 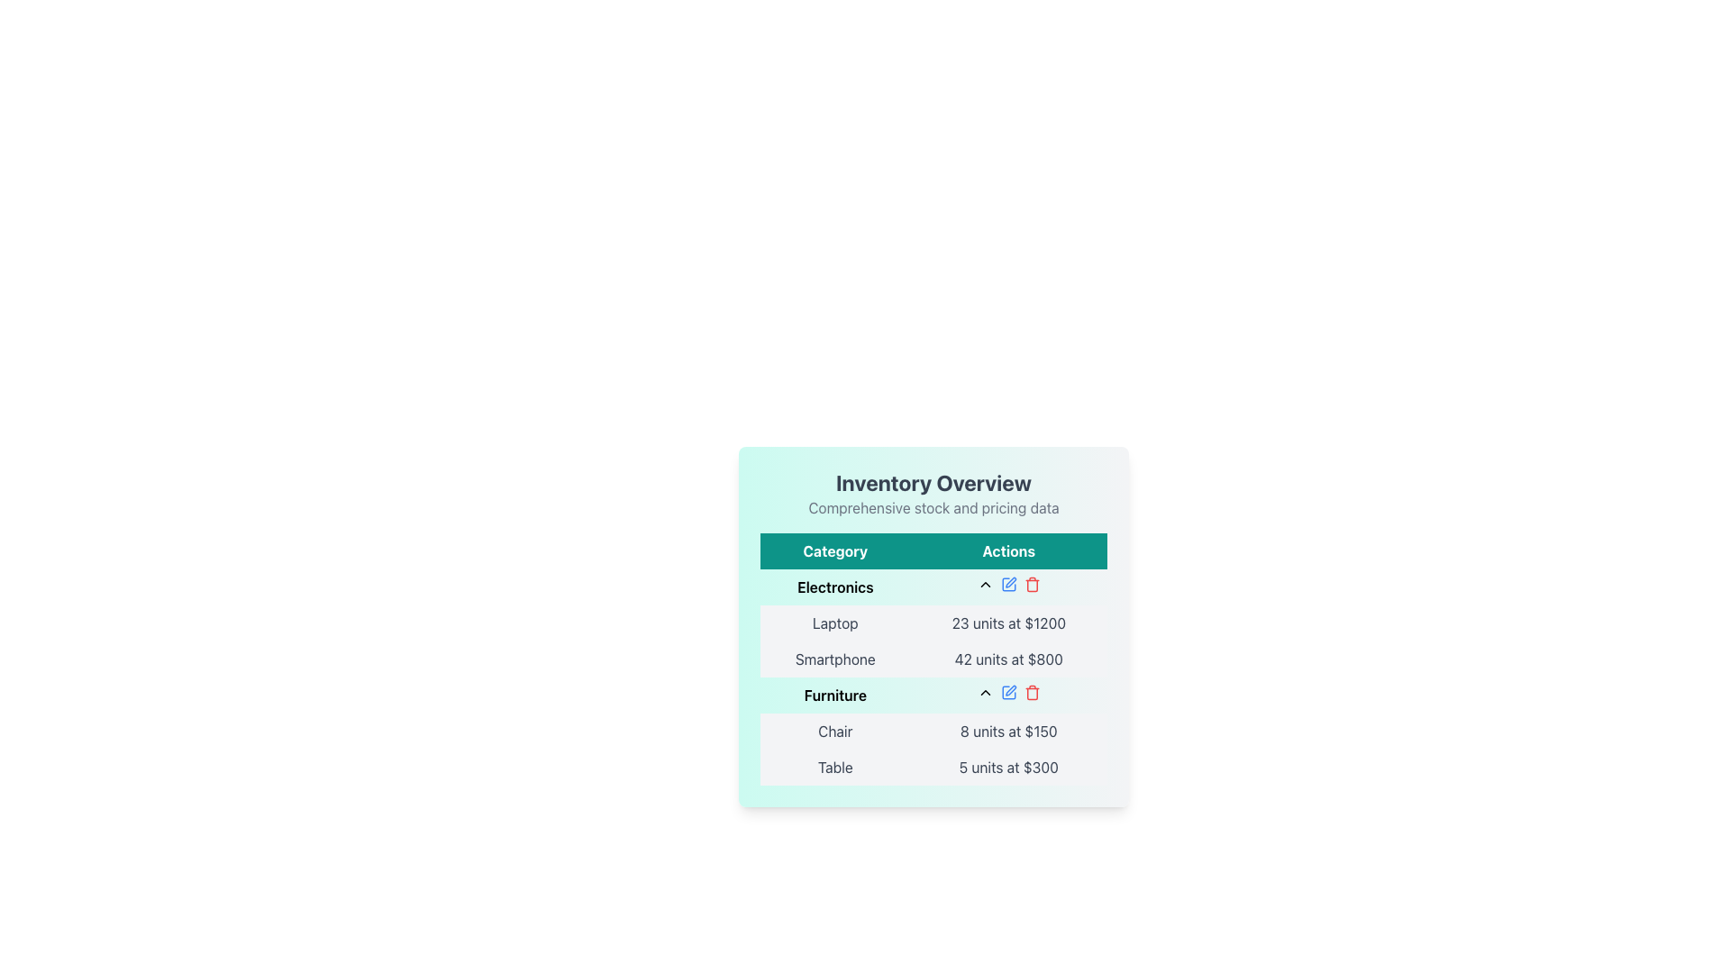 I want to click on the text element providing summary information about the quantity and price of the 'Chair' in the furniture inventory for accessibility, so click(x=1007, y=732).